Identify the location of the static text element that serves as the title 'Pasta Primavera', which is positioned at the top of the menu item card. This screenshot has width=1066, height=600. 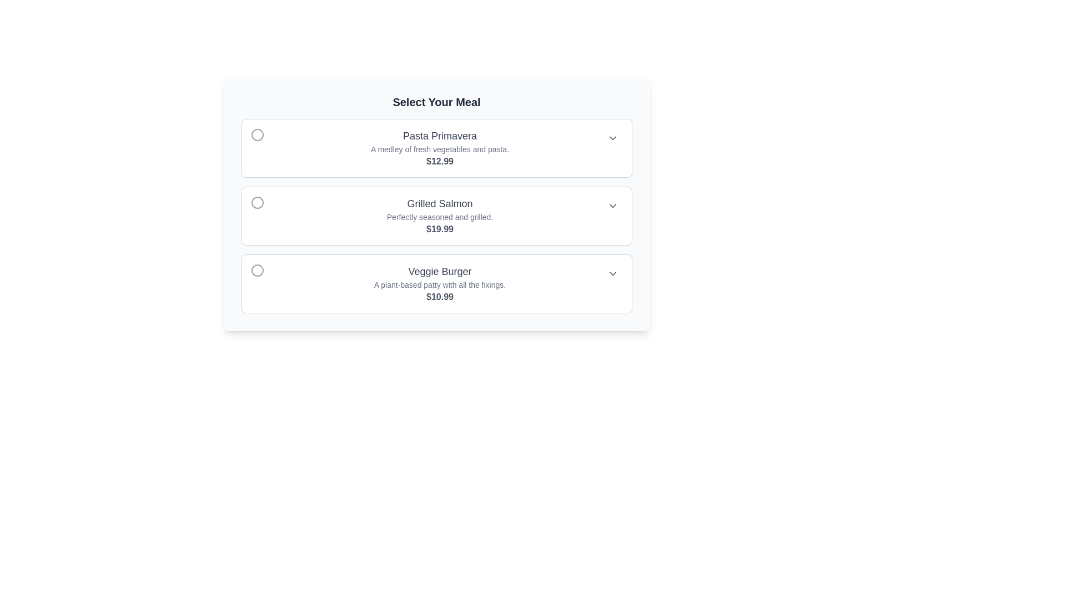
(439, 136).